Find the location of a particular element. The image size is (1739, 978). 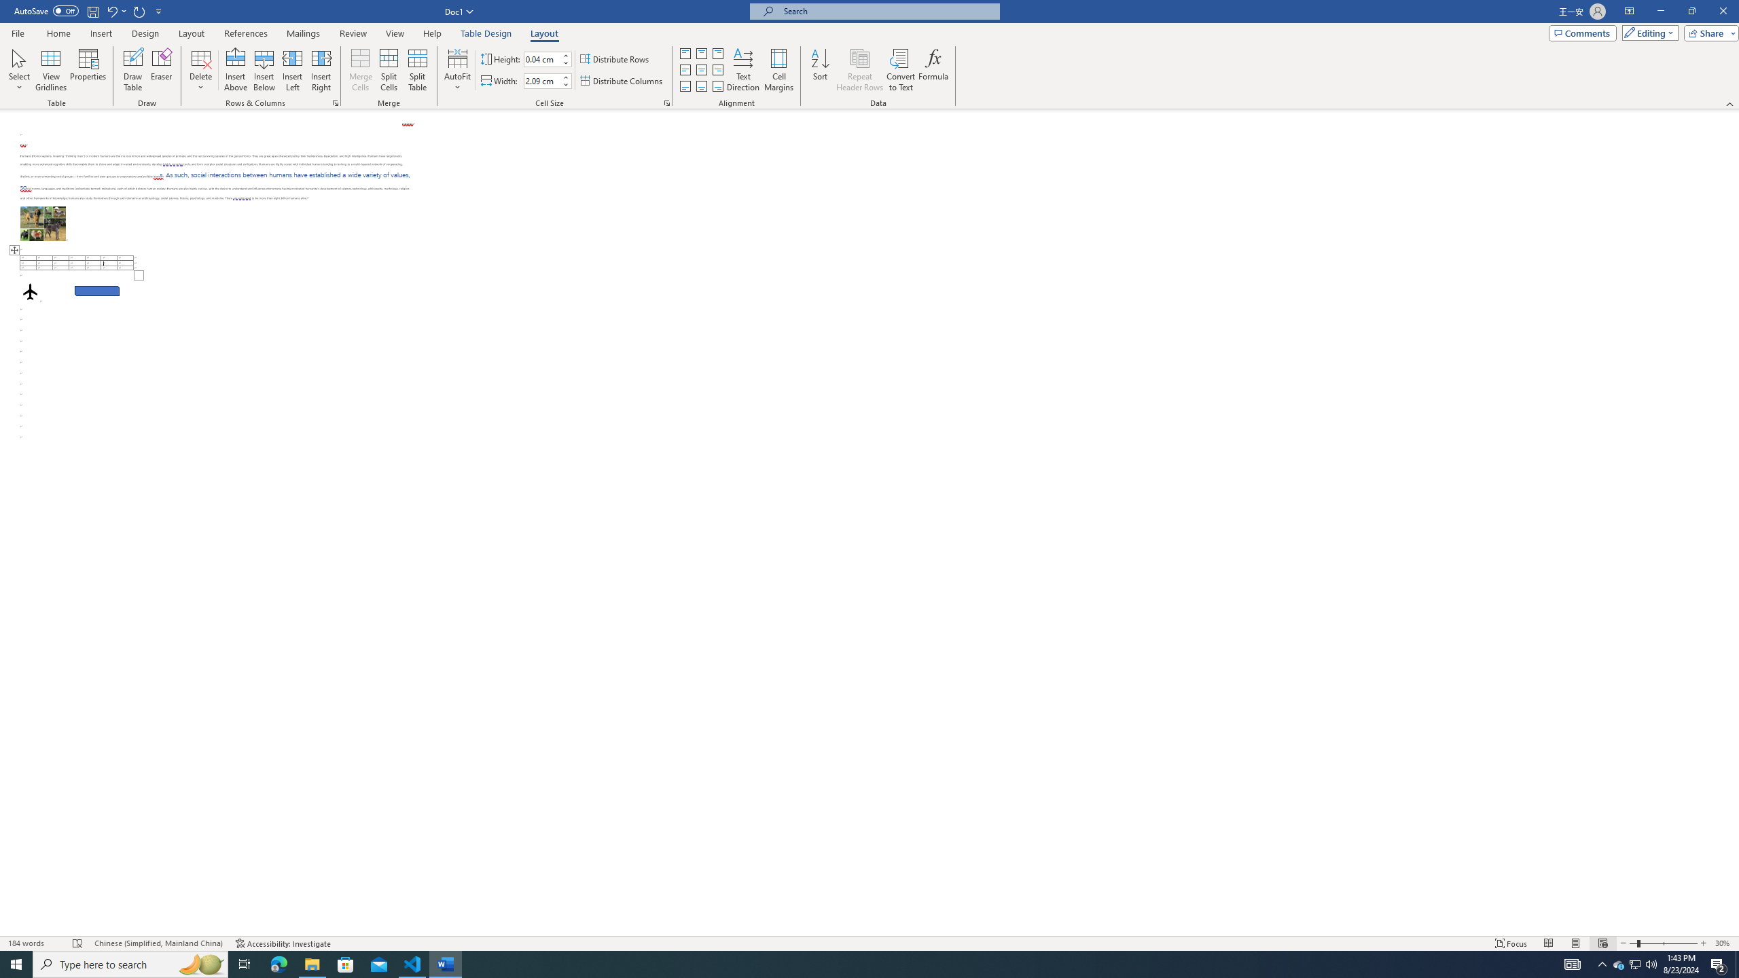

'Distribute Rows' is located at coordinates (615, 59).